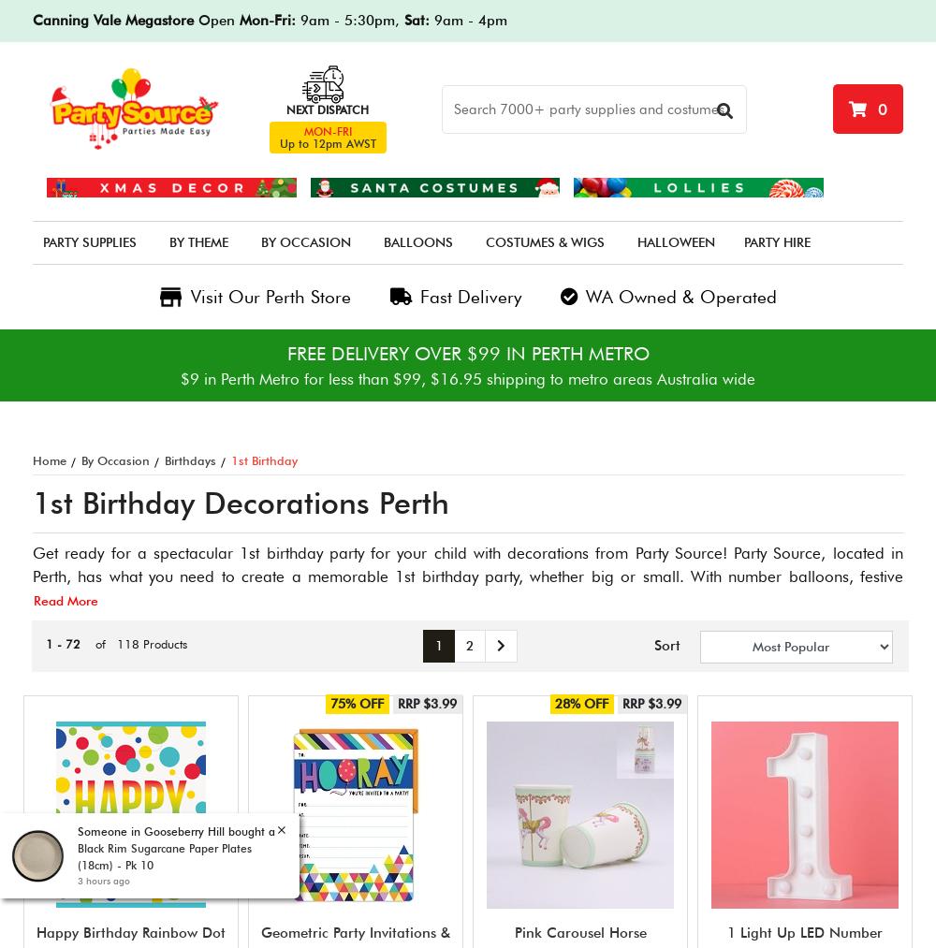 The height and width of the screenshot is (948, 936). What do you see at coordinates (417, 241) in the screenshot?
I see `'Balloons'` at bounding box center [417, 241].